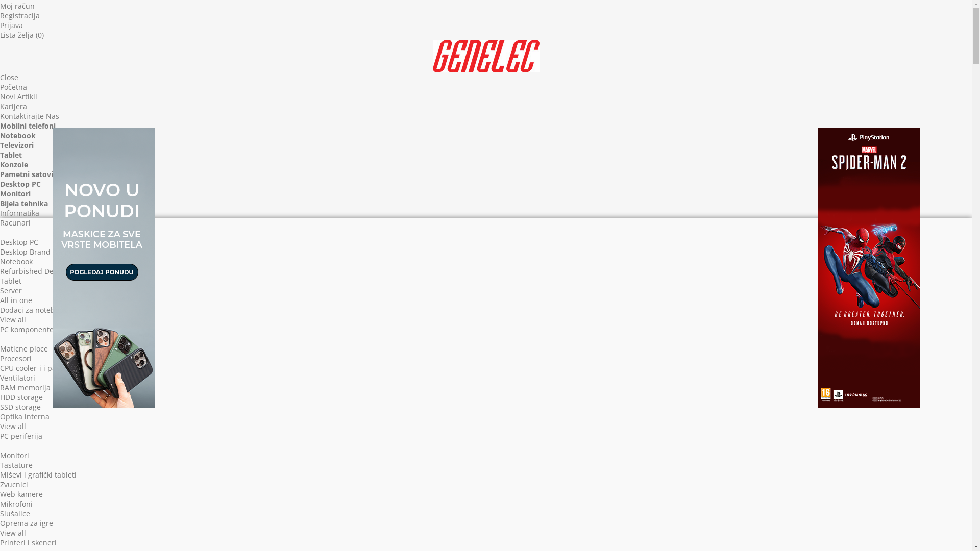  What do you see at coordinates (0, 406) in the screenshot?
I see `'SSD storage'` at bounding box center [0, 406].